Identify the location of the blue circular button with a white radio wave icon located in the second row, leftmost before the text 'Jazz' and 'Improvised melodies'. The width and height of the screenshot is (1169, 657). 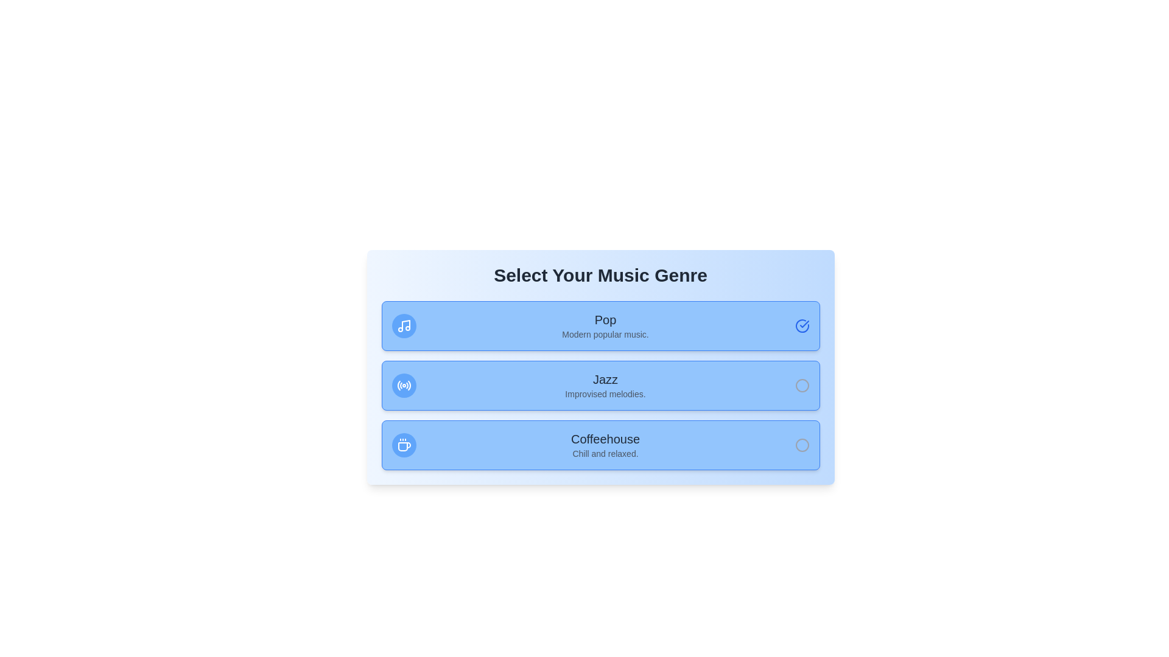
(404, 385).